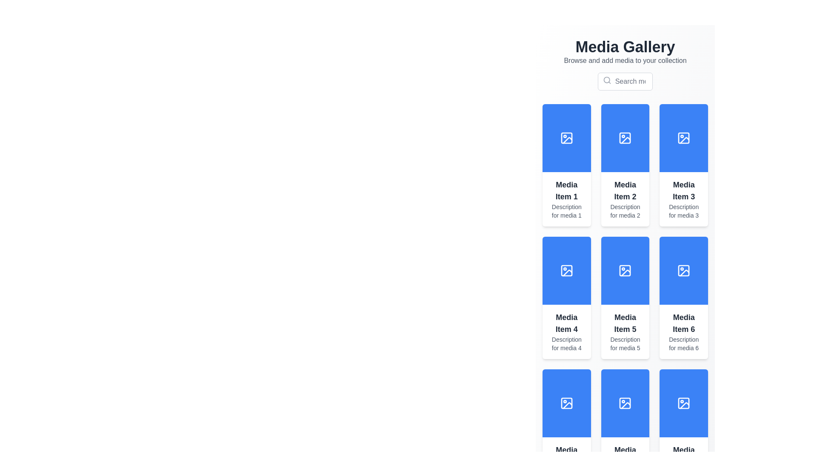  Describe the element at coordinates (606, 80) in the screenshot. I see `SVG circle element that visually represents the lens of the magnifying glass in the search icon by using development tools` at that location.